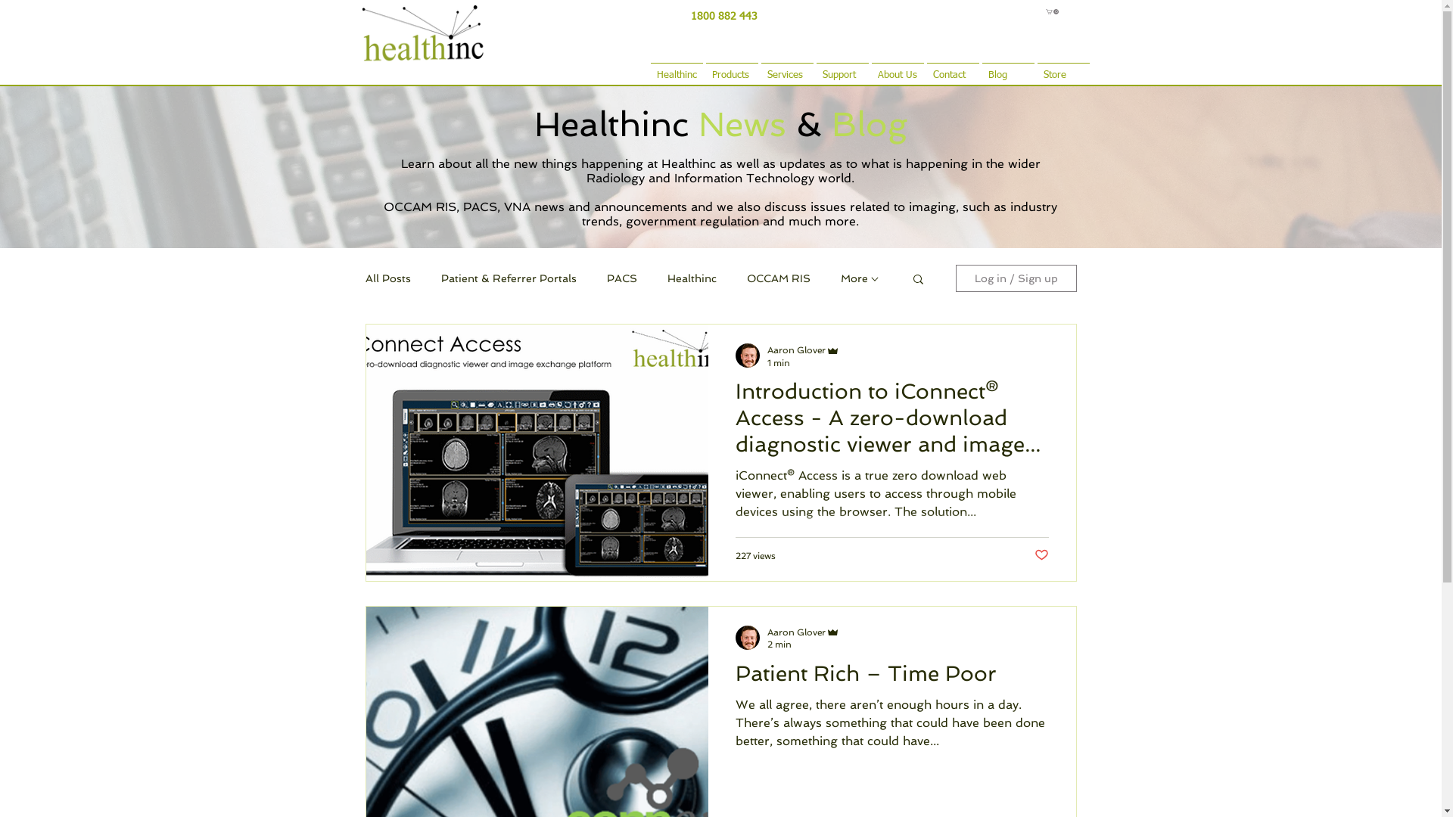 This screenshot has height=817, width=1453. Describe the element at coordinates (1033, 555) in the screenshot. I see `'Post not marked as liked'` at that location.